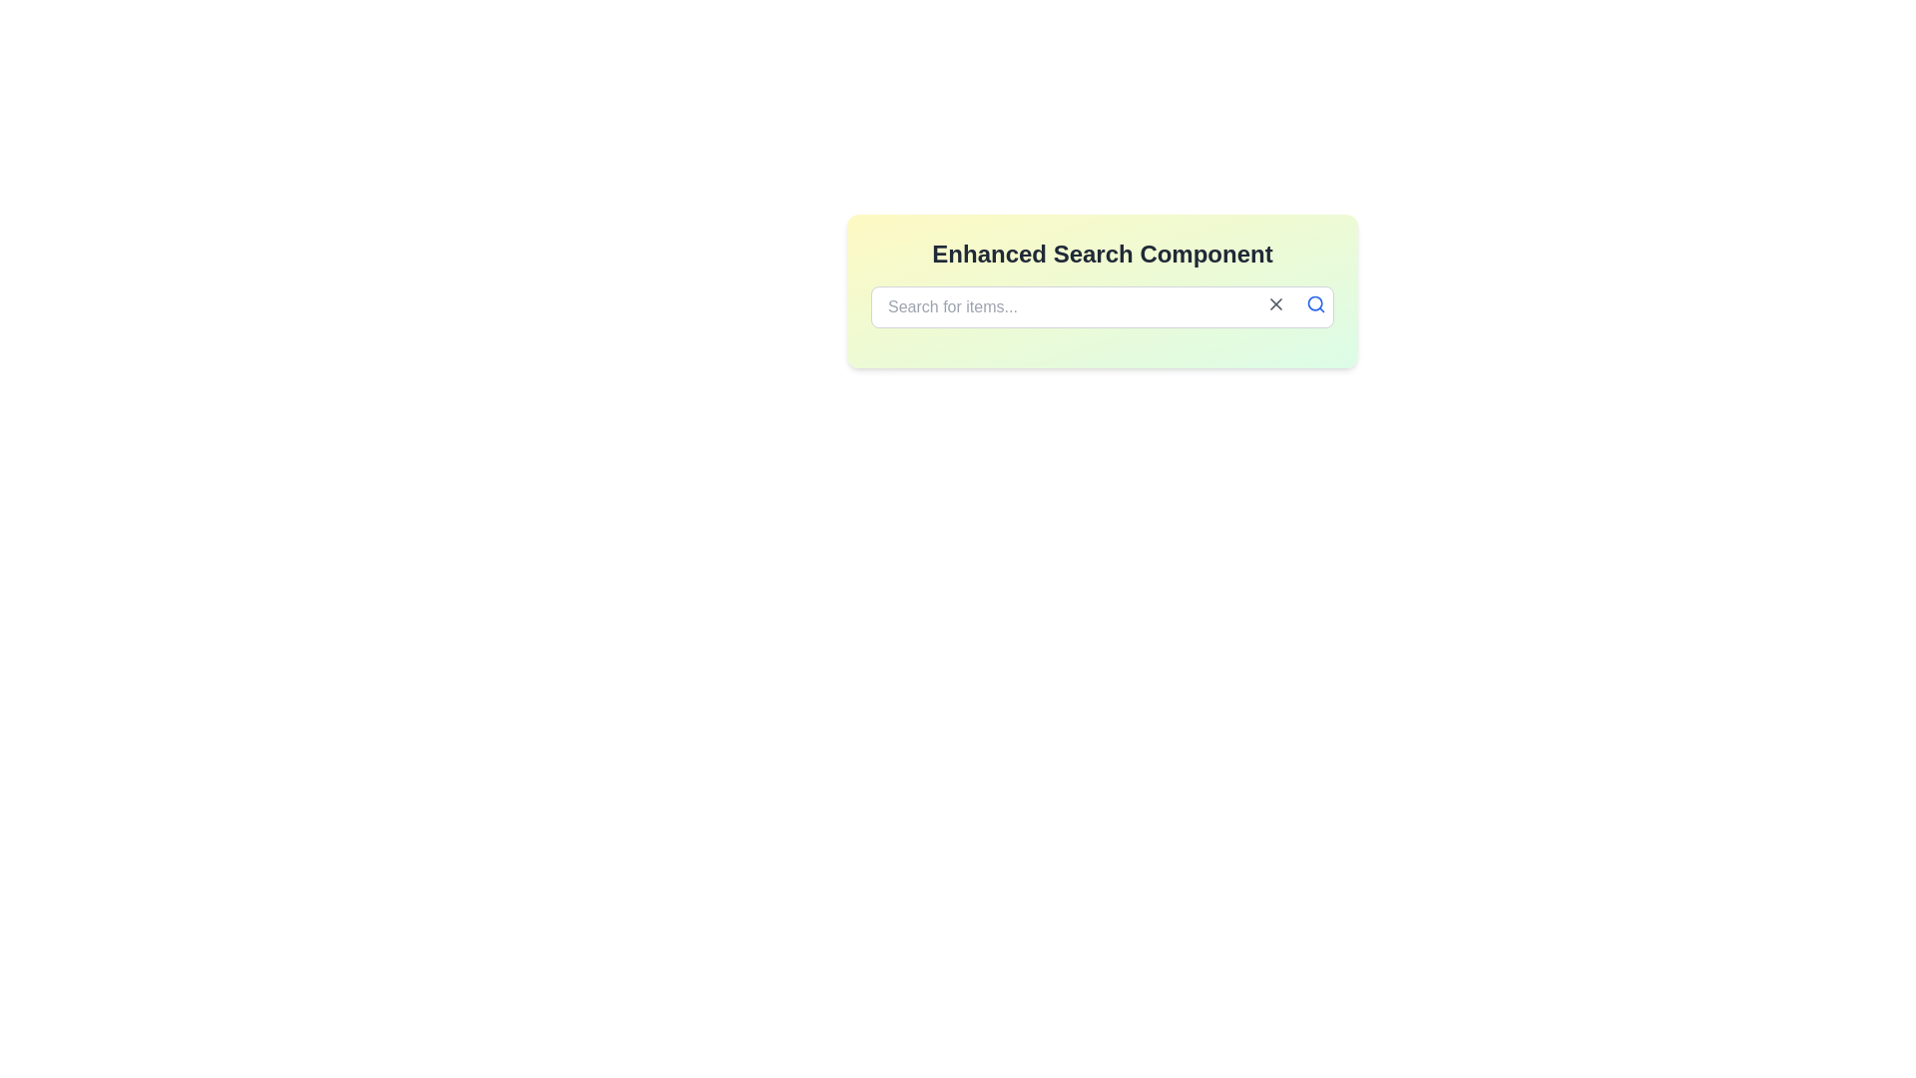  Describe the element at coordinates (1274, 303) in the screenshot. I see `the small gray icon resembling a close or cancel symbol` at that location.